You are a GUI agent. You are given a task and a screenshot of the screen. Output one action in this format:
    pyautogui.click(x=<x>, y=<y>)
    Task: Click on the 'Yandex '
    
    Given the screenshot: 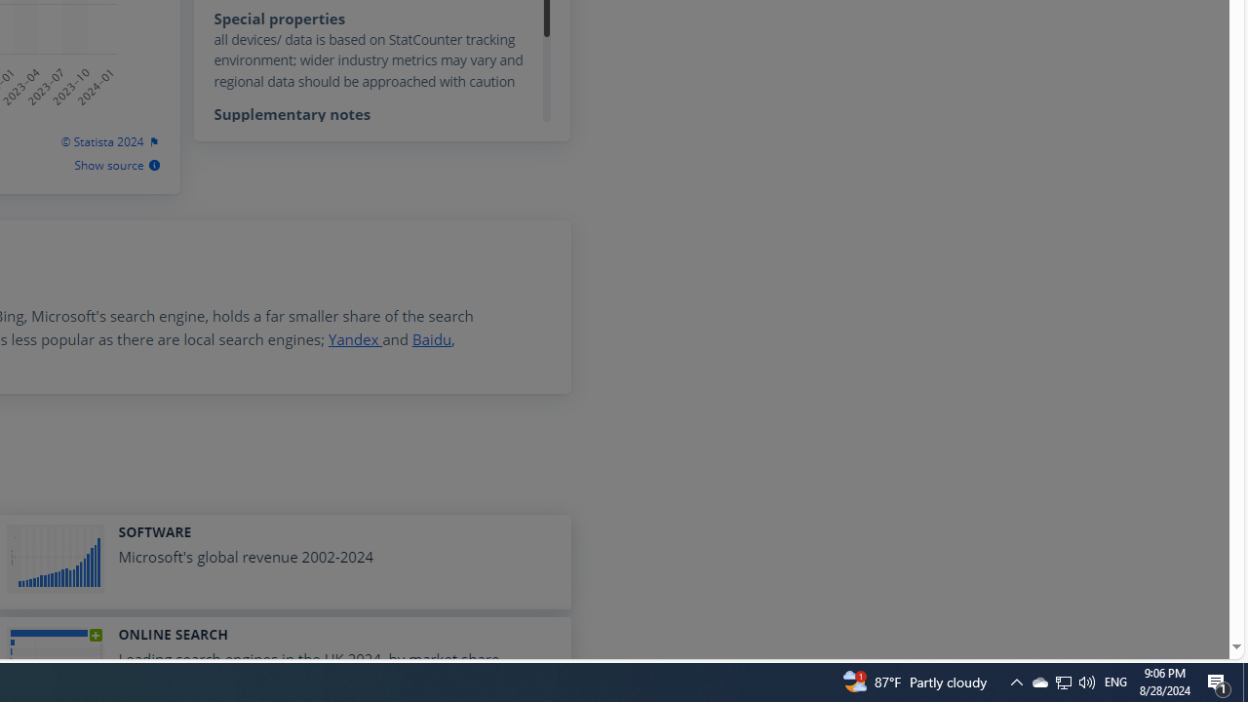 What is the action you would take?
    pyautogui.click(x=355, y=338)
    